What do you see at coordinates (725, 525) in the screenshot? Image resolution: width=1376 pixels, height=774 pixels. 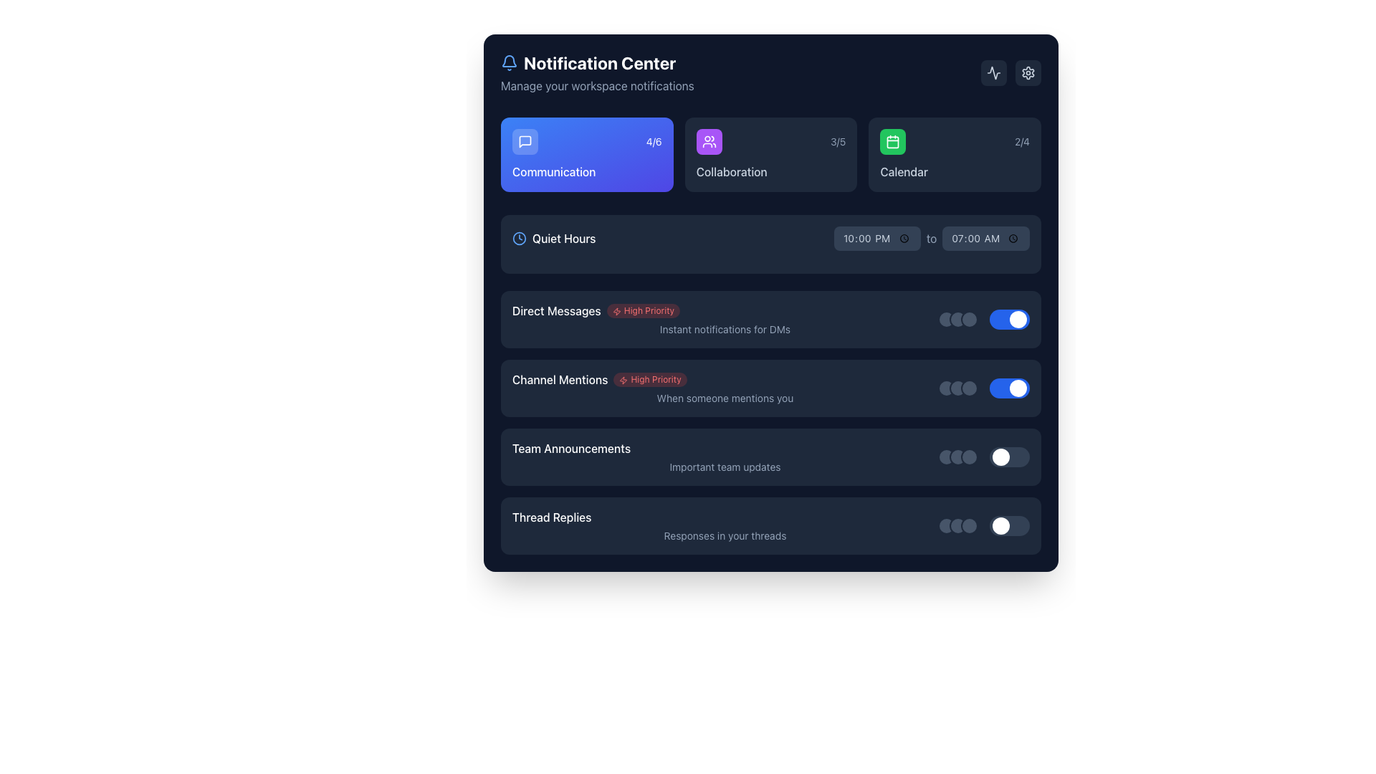 I see `the text label that reads 'Thread Replies' and 'Responses in your threads', which is located towards the bottom of the interface, just before the last toggle button` at bounding box center [725, 525].